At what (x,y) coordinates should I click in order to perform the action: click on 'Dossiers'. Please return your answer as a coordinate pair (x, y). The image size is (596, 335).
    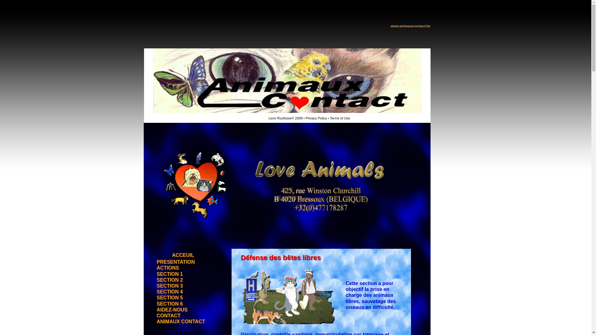
    Looking at the image, I should click on (181, 163).